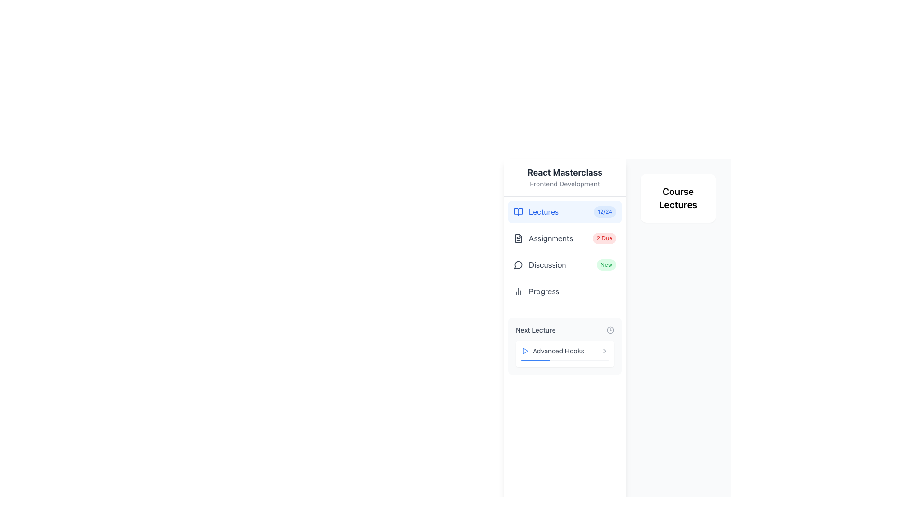 The height and width of the screenshot is (511, 910). I want to click on the text label displaying 'Frontend Development', which is positioned directly below the header 'React Masterclass' and is centered horizontally on the page, so click(564, 184).